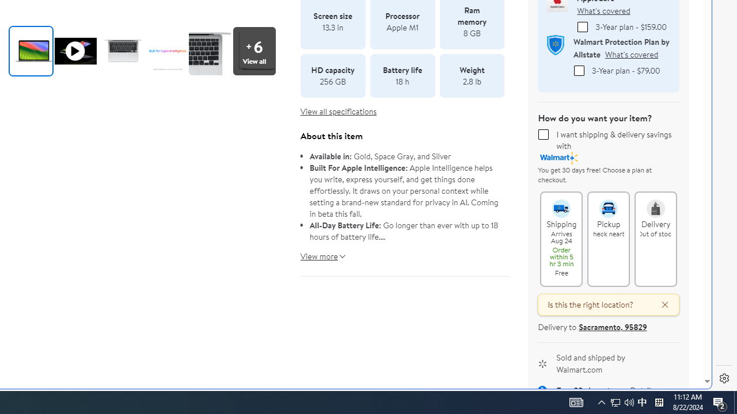  What do you see at coordinates (75, 50) in the screenshot?
I see `'Class: absolute pointer'` at bounding box center [75, 50].